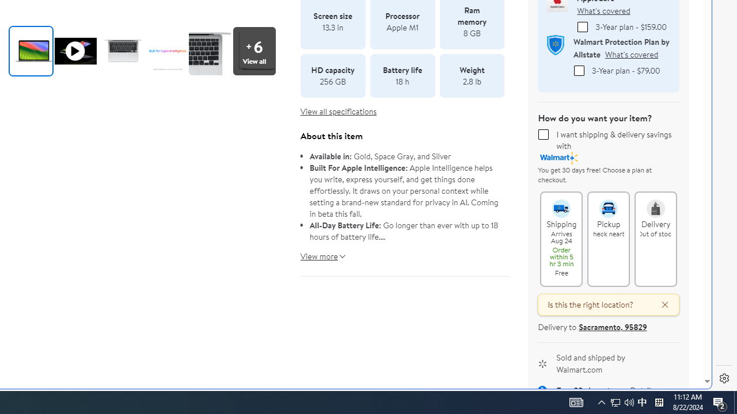  What do you see at coordinates (75, 50) in the screenshot?
I see `'Class: absolute pointer'` at bounding box center [75, 50].